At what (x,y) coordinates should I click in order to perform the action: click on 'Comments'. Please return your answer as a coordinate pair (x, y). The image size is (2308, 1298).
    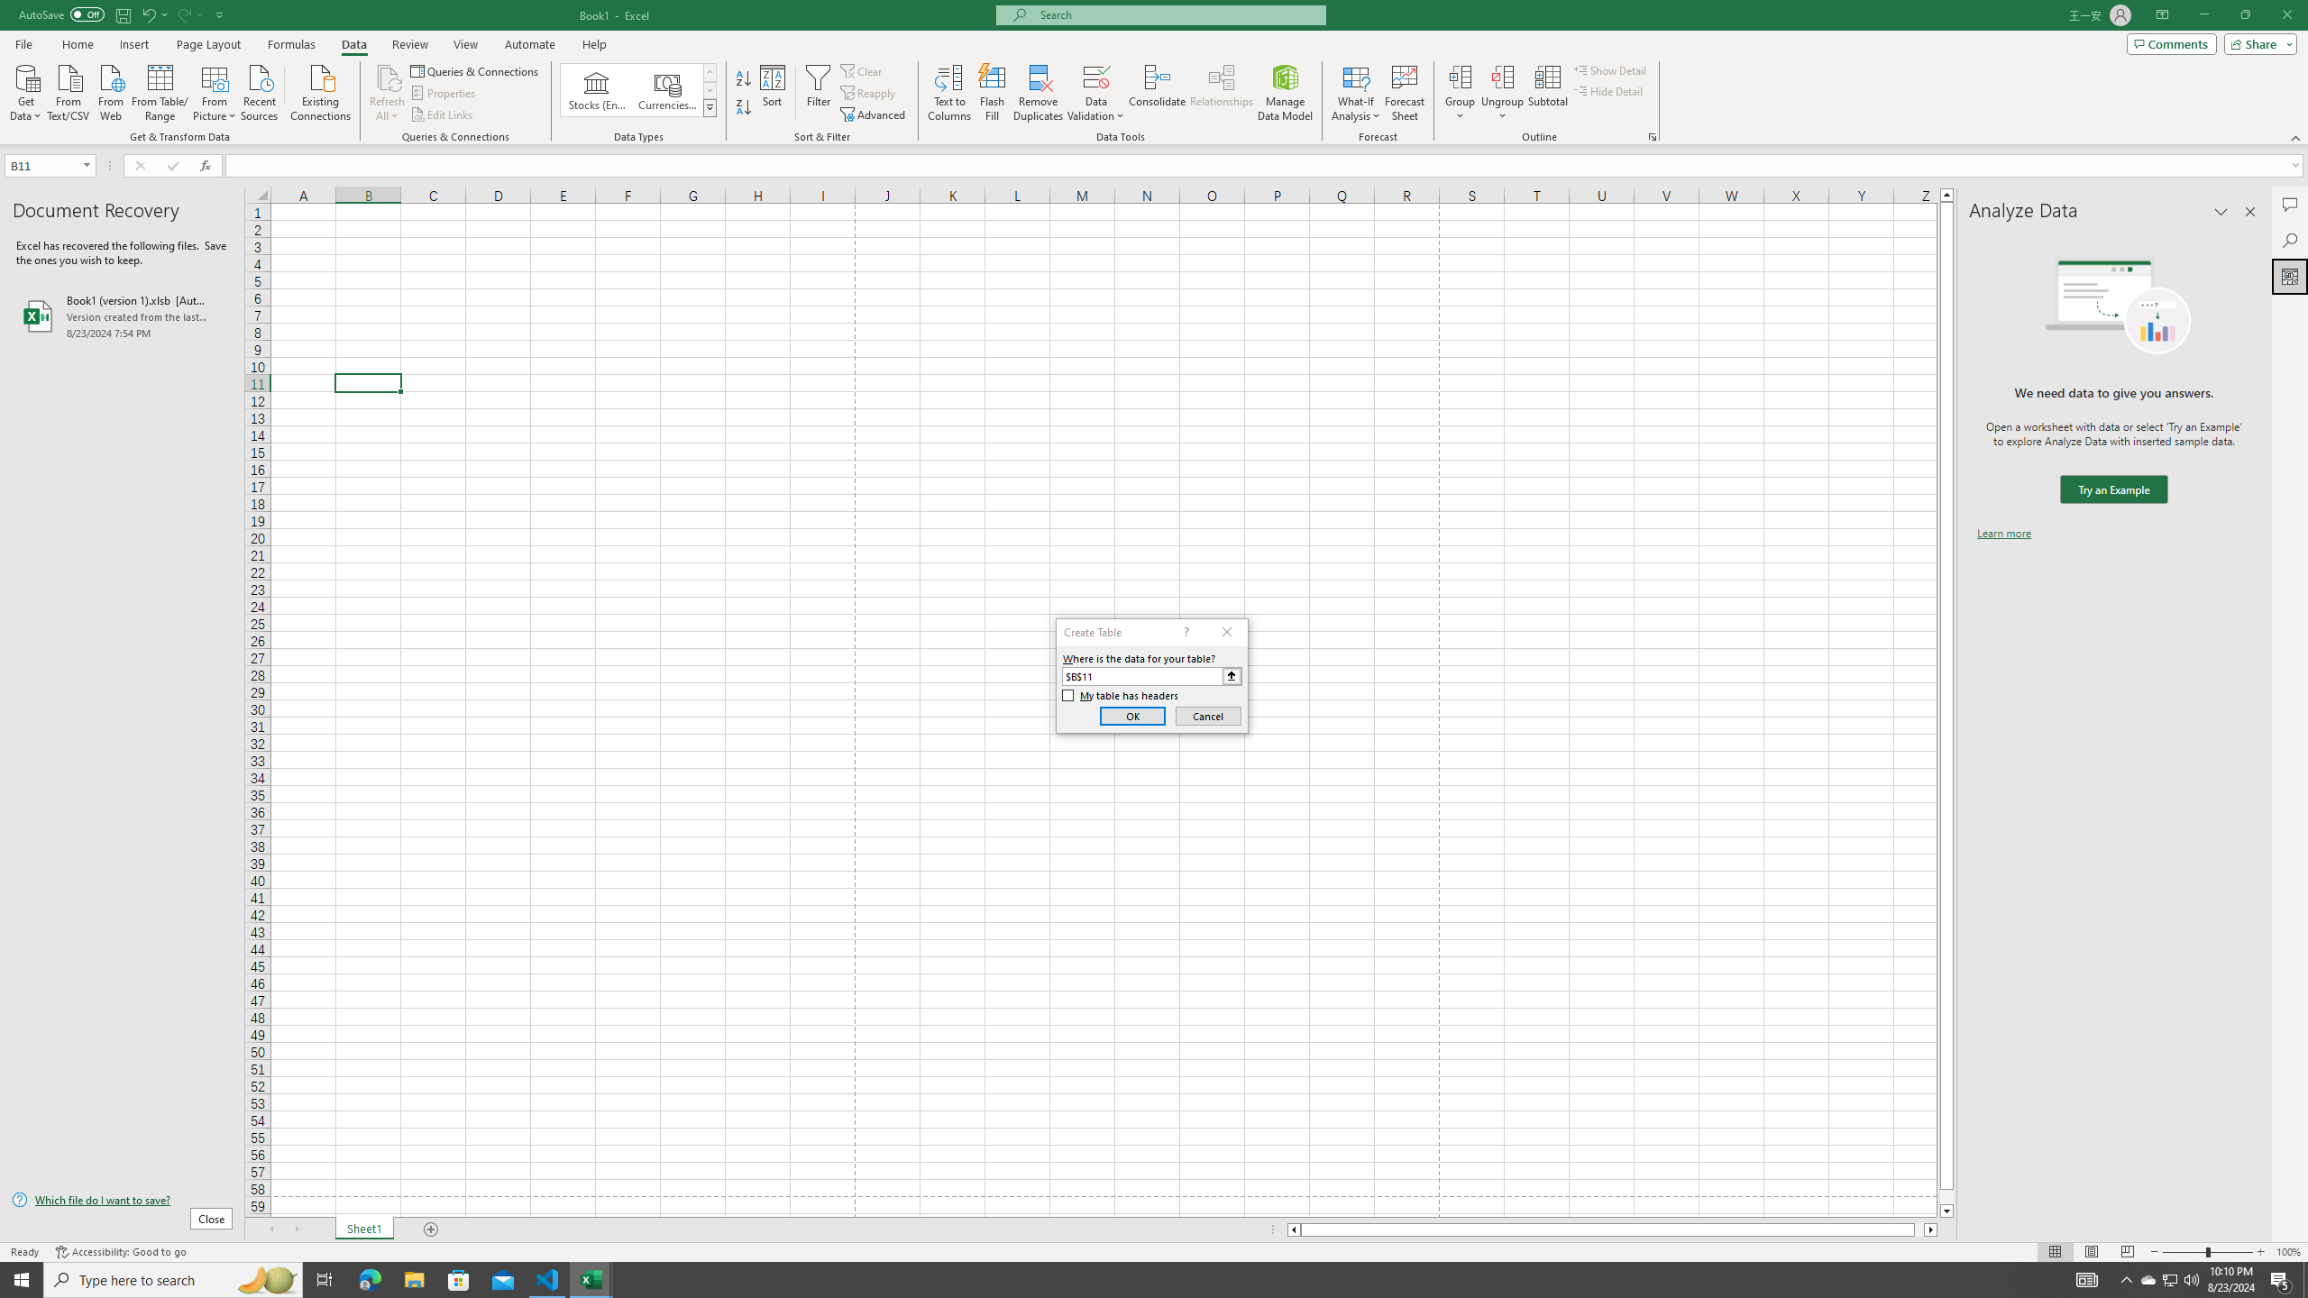
    Looking at the image, I should click on (2171, 42).